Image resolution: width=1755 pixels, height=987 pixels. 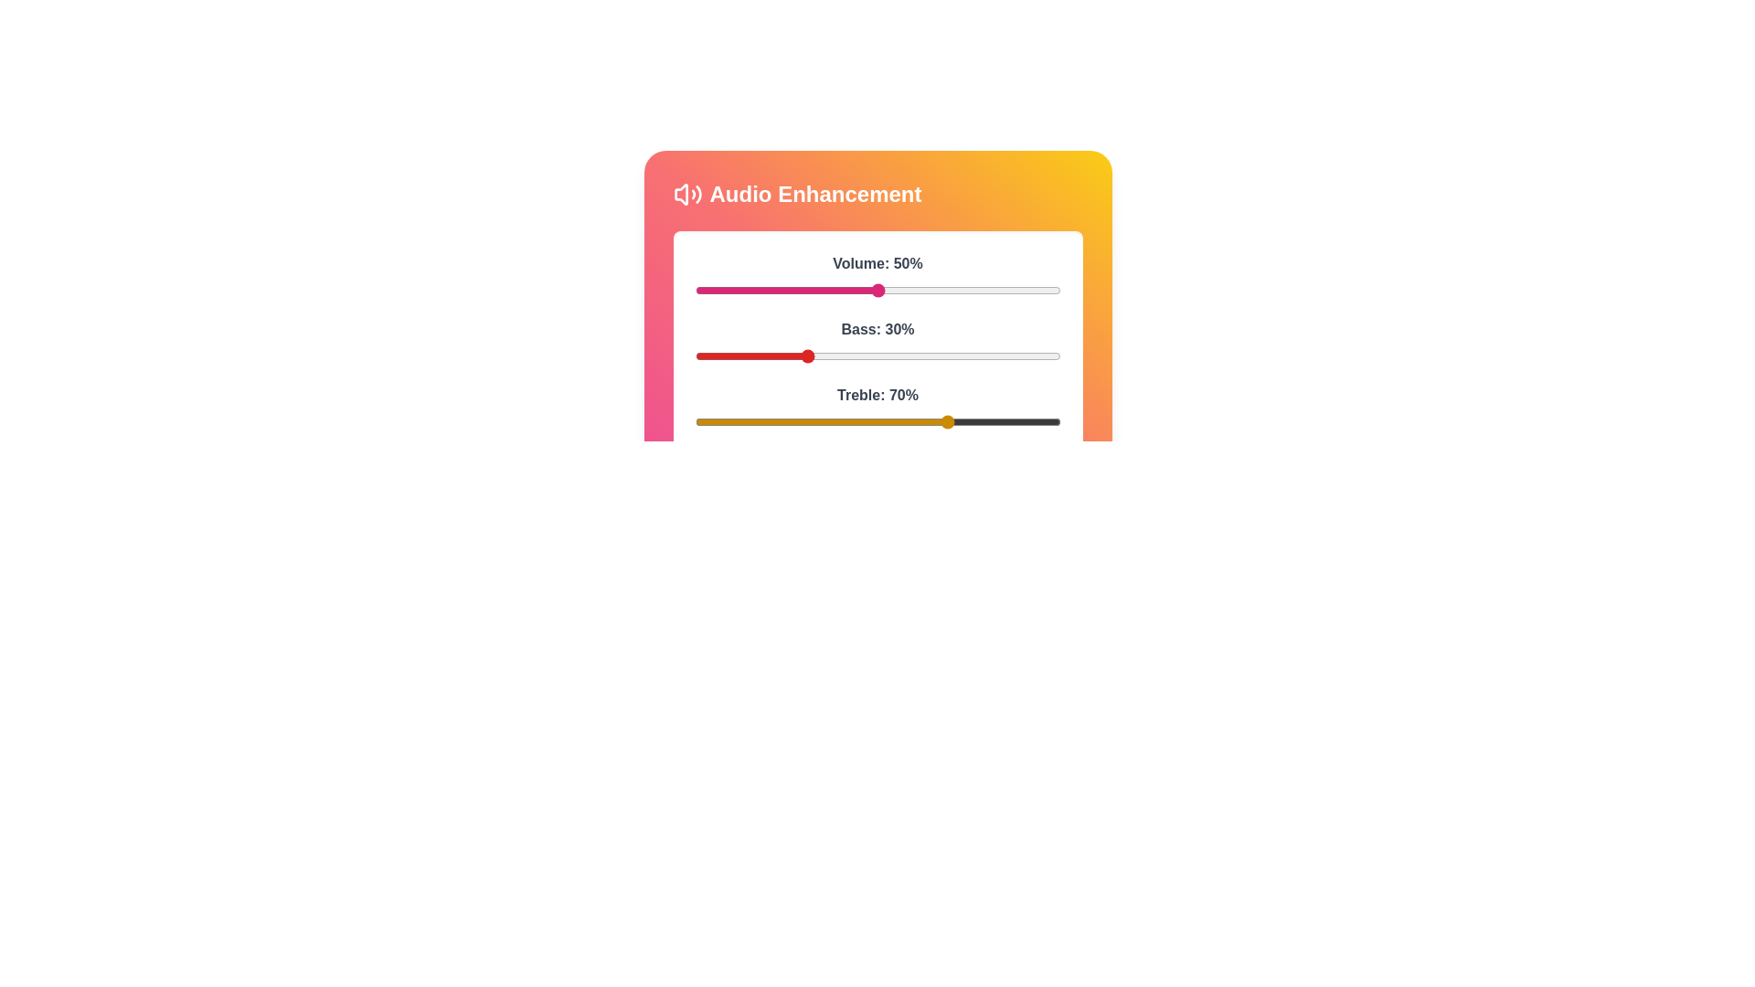 I want to click on the interactive volume slider labeled 'Volume: 50%', so click(x=877, y=278).